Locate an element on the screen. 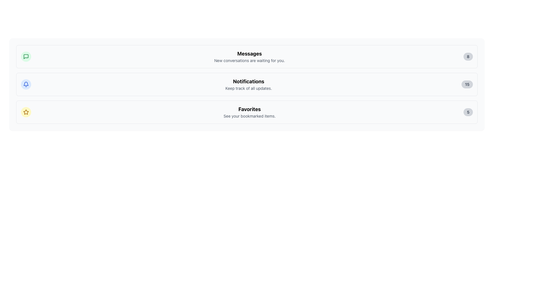 This screenshot has width=544, height=306. the messaging section icon is located at coordinates (25, 57).